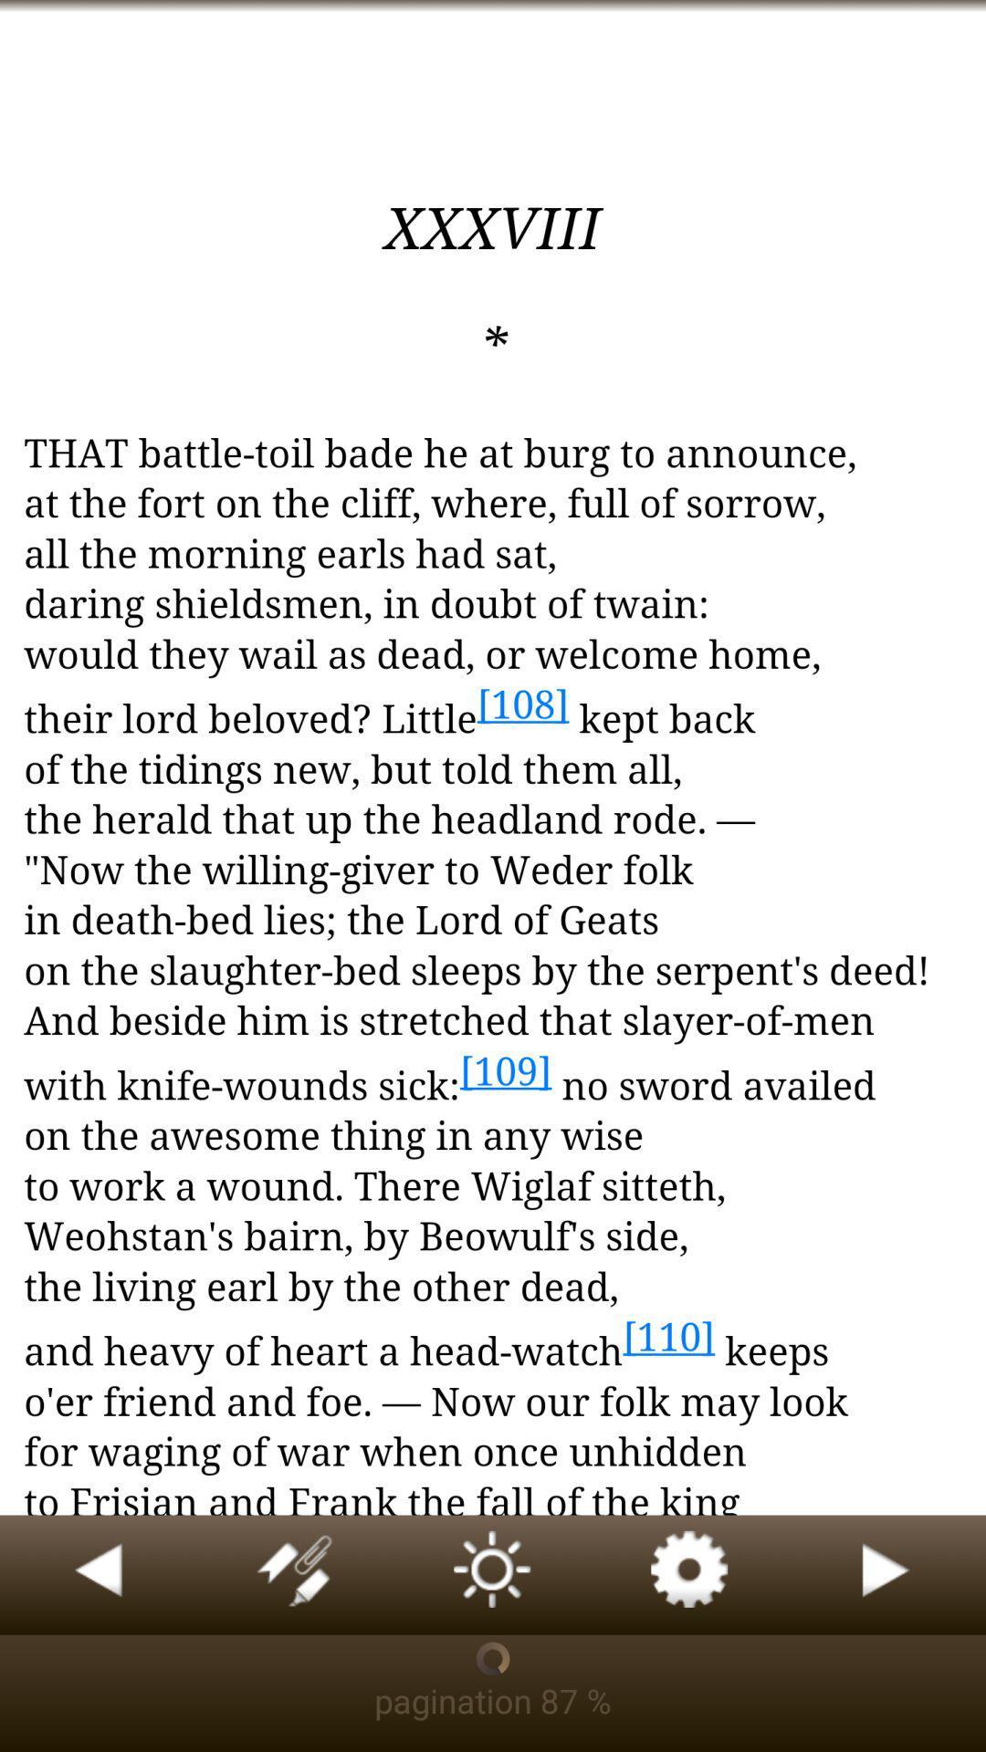  What do you see at coordinates (886, 1574) in the screenshot?
I see `next page` at bounding box center [886, 1574].